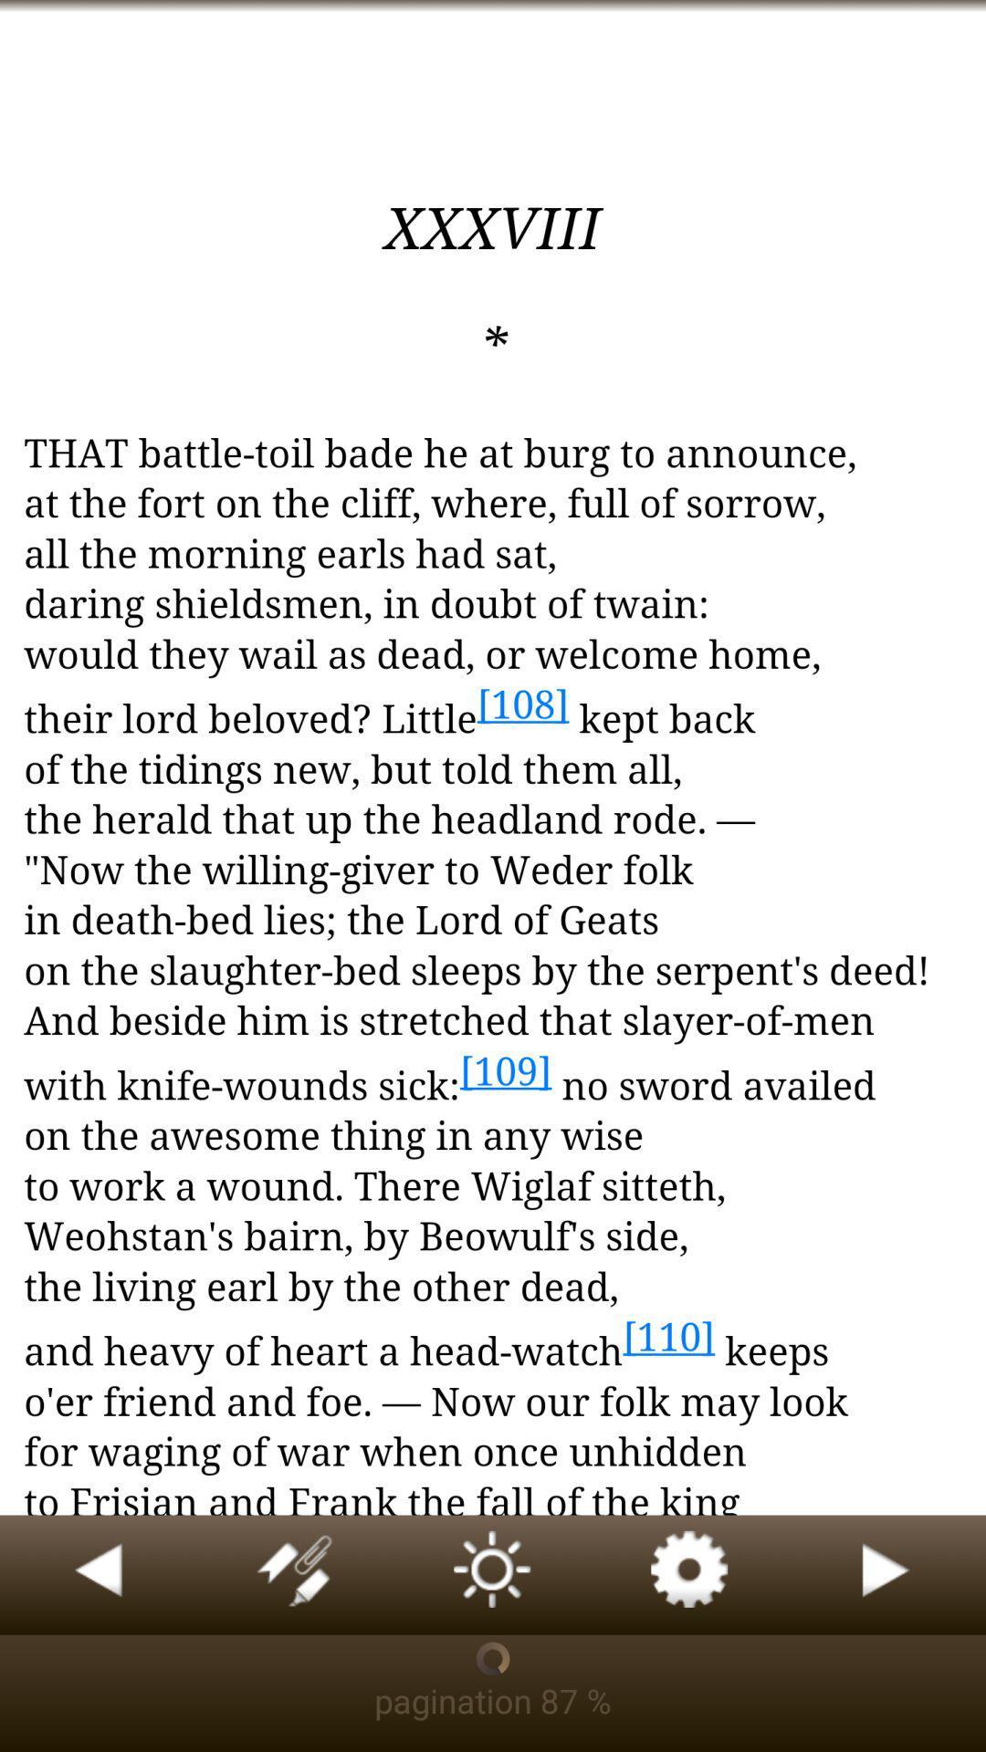  What do you see at coordinates (886, 1574) in the screenshot?
I see `next page` at bounding box center [886, 1574].